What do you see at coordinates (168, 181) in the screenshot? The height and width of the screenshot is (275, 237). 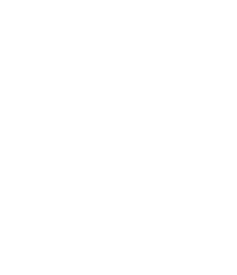 I see `'East Highland Way'` at bounding box center [168, 181].